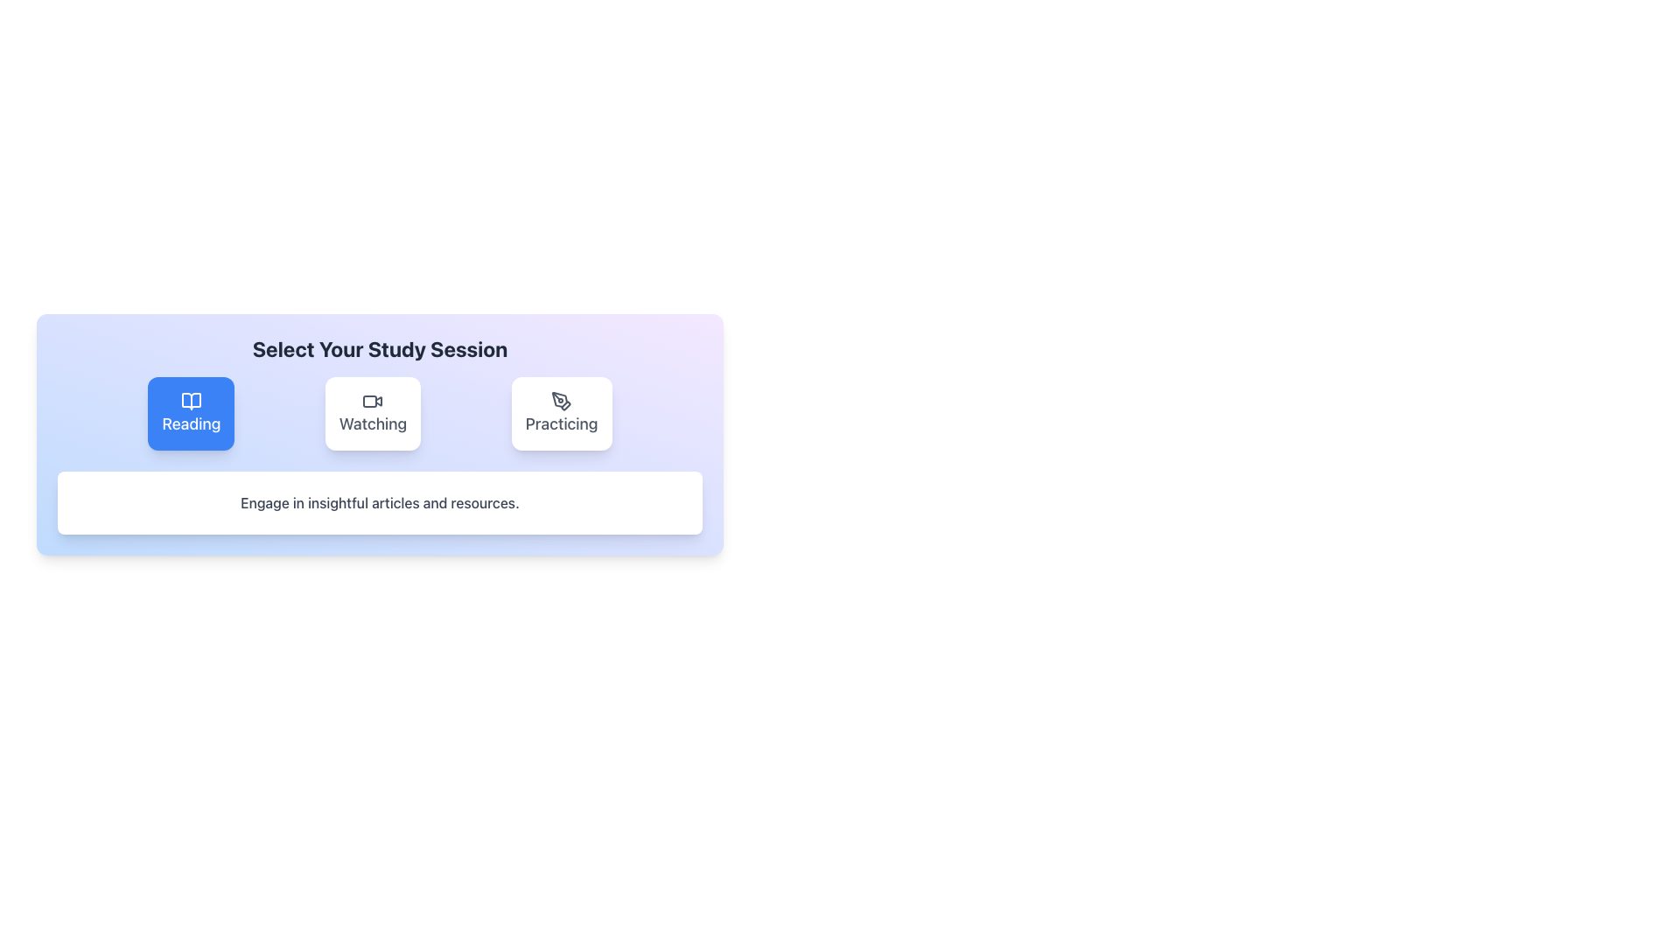 The width and height of the screenshot is (1680, 945). I want to click on the representation of the pen nib icon, which is styled with a light stroke and is located near the bottom of the 'Practicing' option in the interface, so click(566, 405).